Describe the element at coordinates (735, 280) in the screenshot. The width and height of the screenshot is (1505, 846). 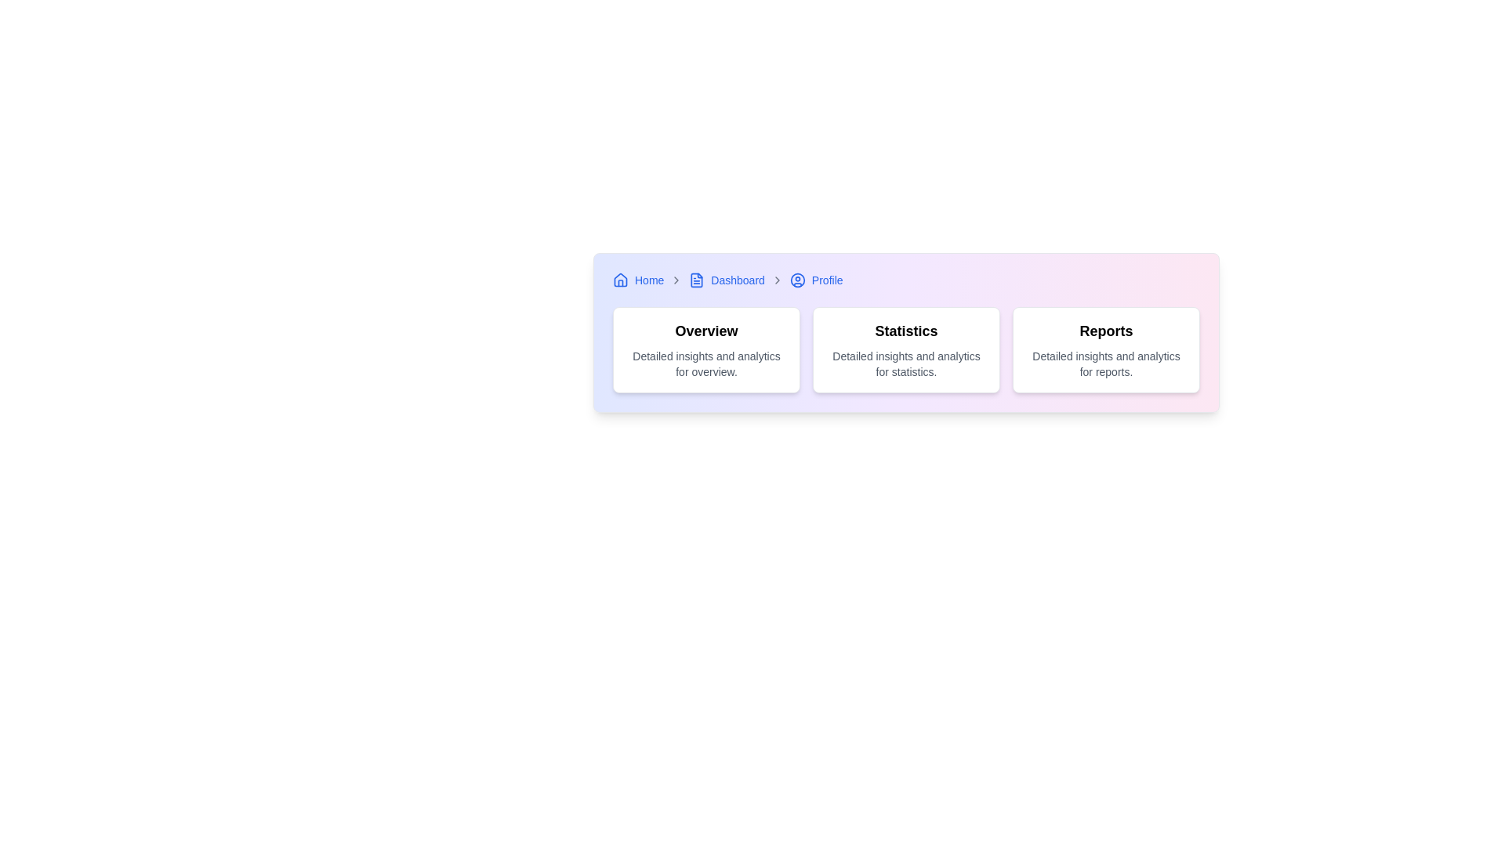
I see `the 'Dashboard' breadcrumb navigation item` at that location.